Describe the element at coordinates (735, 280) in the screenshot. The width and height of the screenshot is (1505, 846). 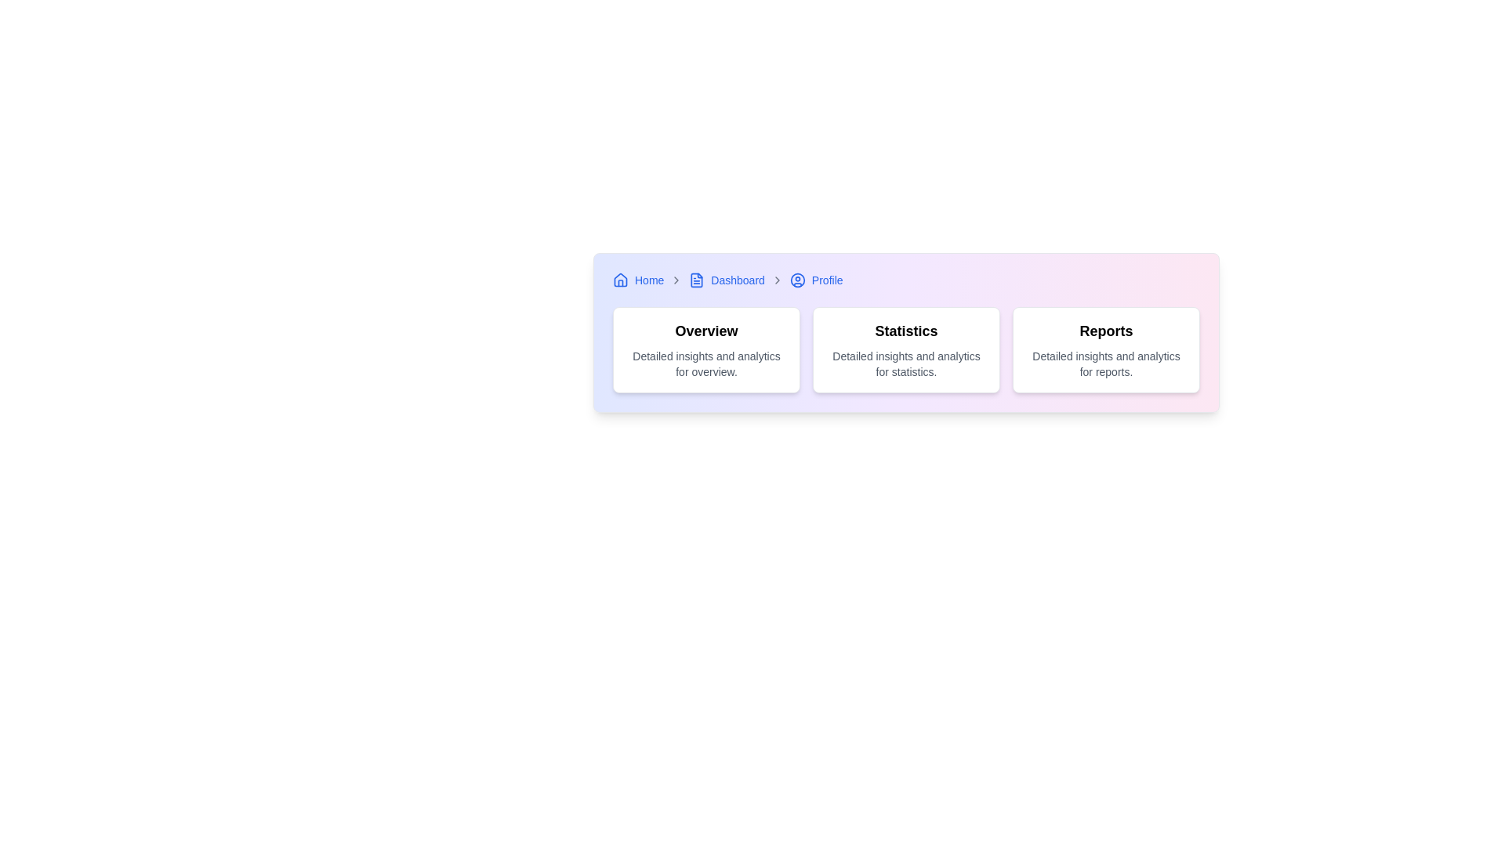
I see `the 'Dashboard' breadcrumb navigation item` at that location.